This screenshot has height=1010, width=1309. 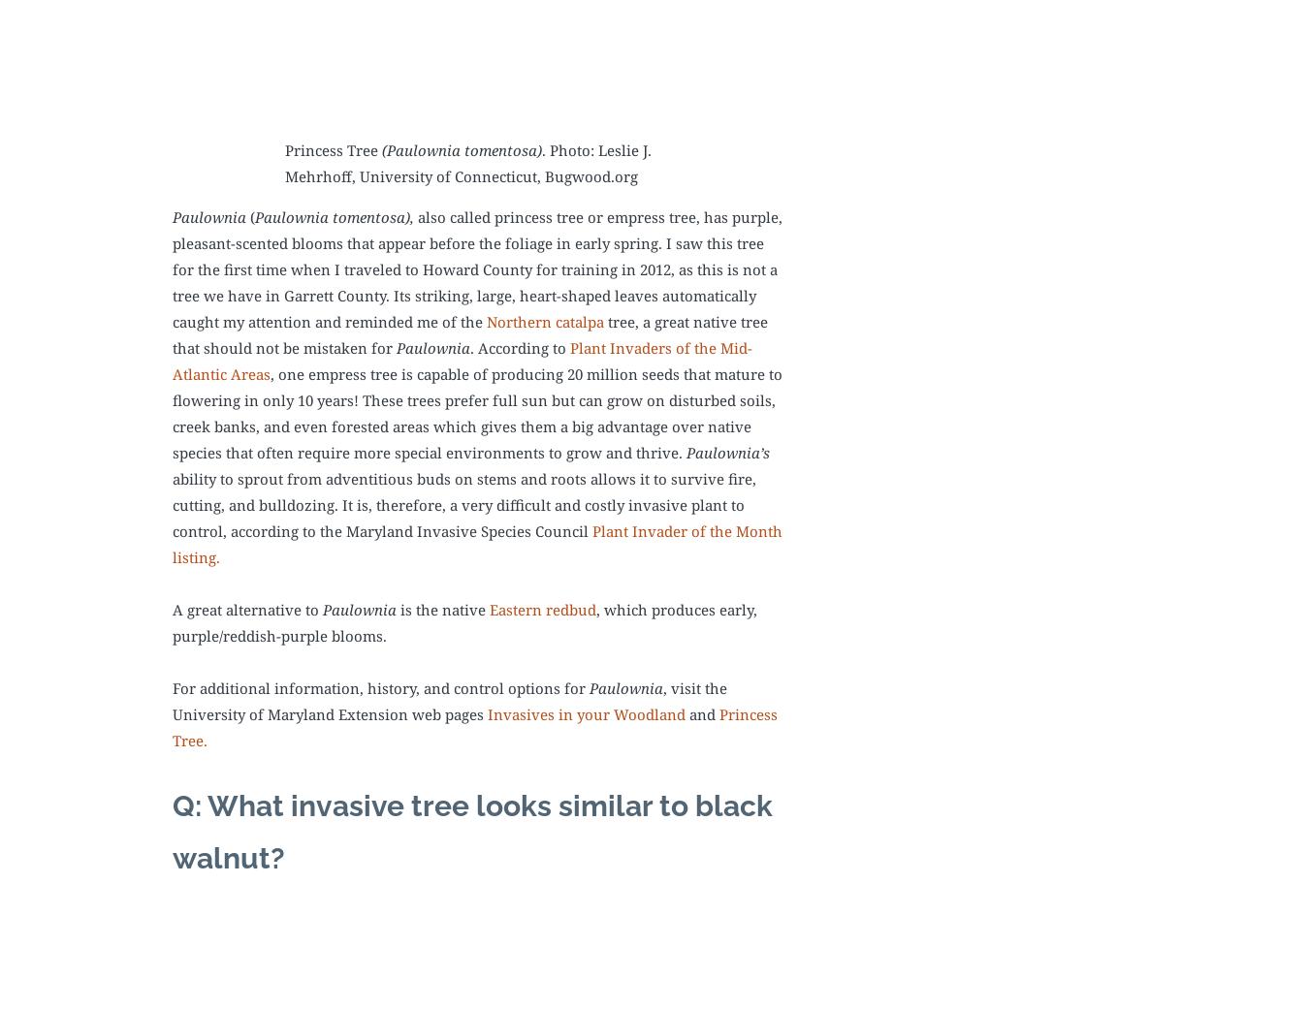 What do you see at coordinates (476, 543) in the screenshot?
I see `'Plant Invader of the Month listing.'` at bounding box center [476, 543].